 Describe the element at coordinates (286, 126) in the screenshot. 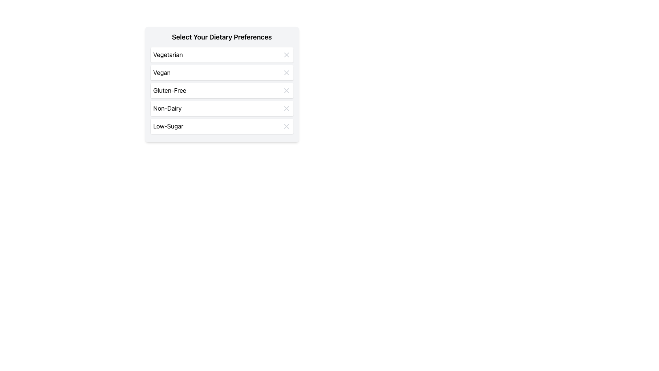

I see `the 'x' icon button on the right side of the 'Low-Sugar' list item` at that location.